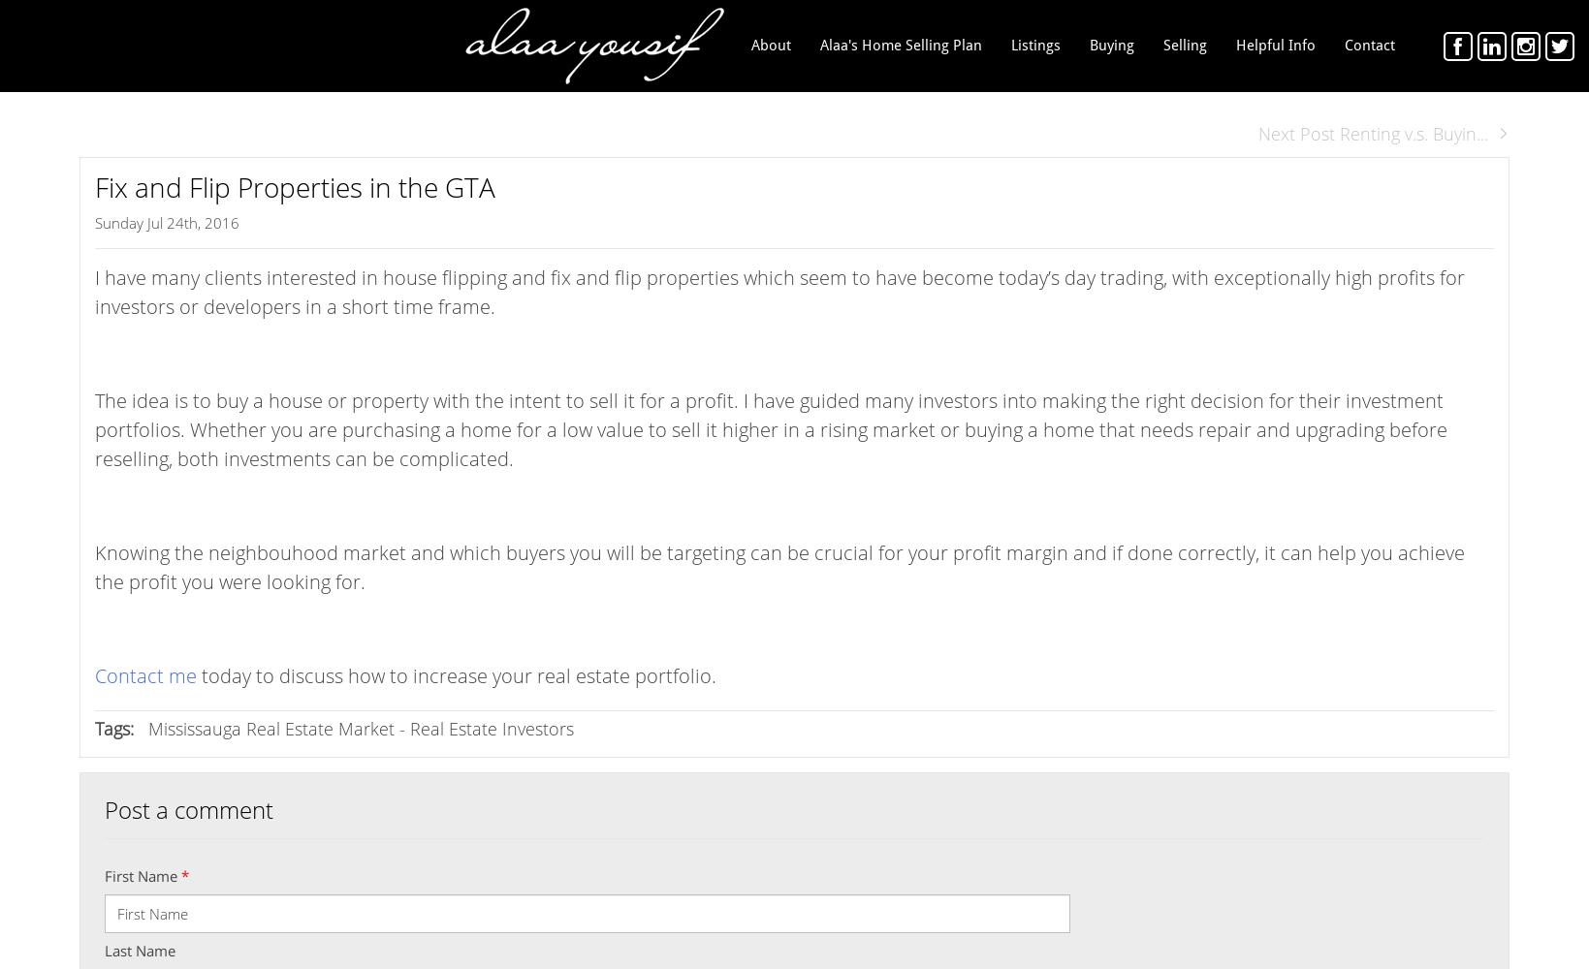 Image resolution: width=1589 pixels, height=969 pixels. I want to click on 'Mortgage Calculator', so click(1301, 250).